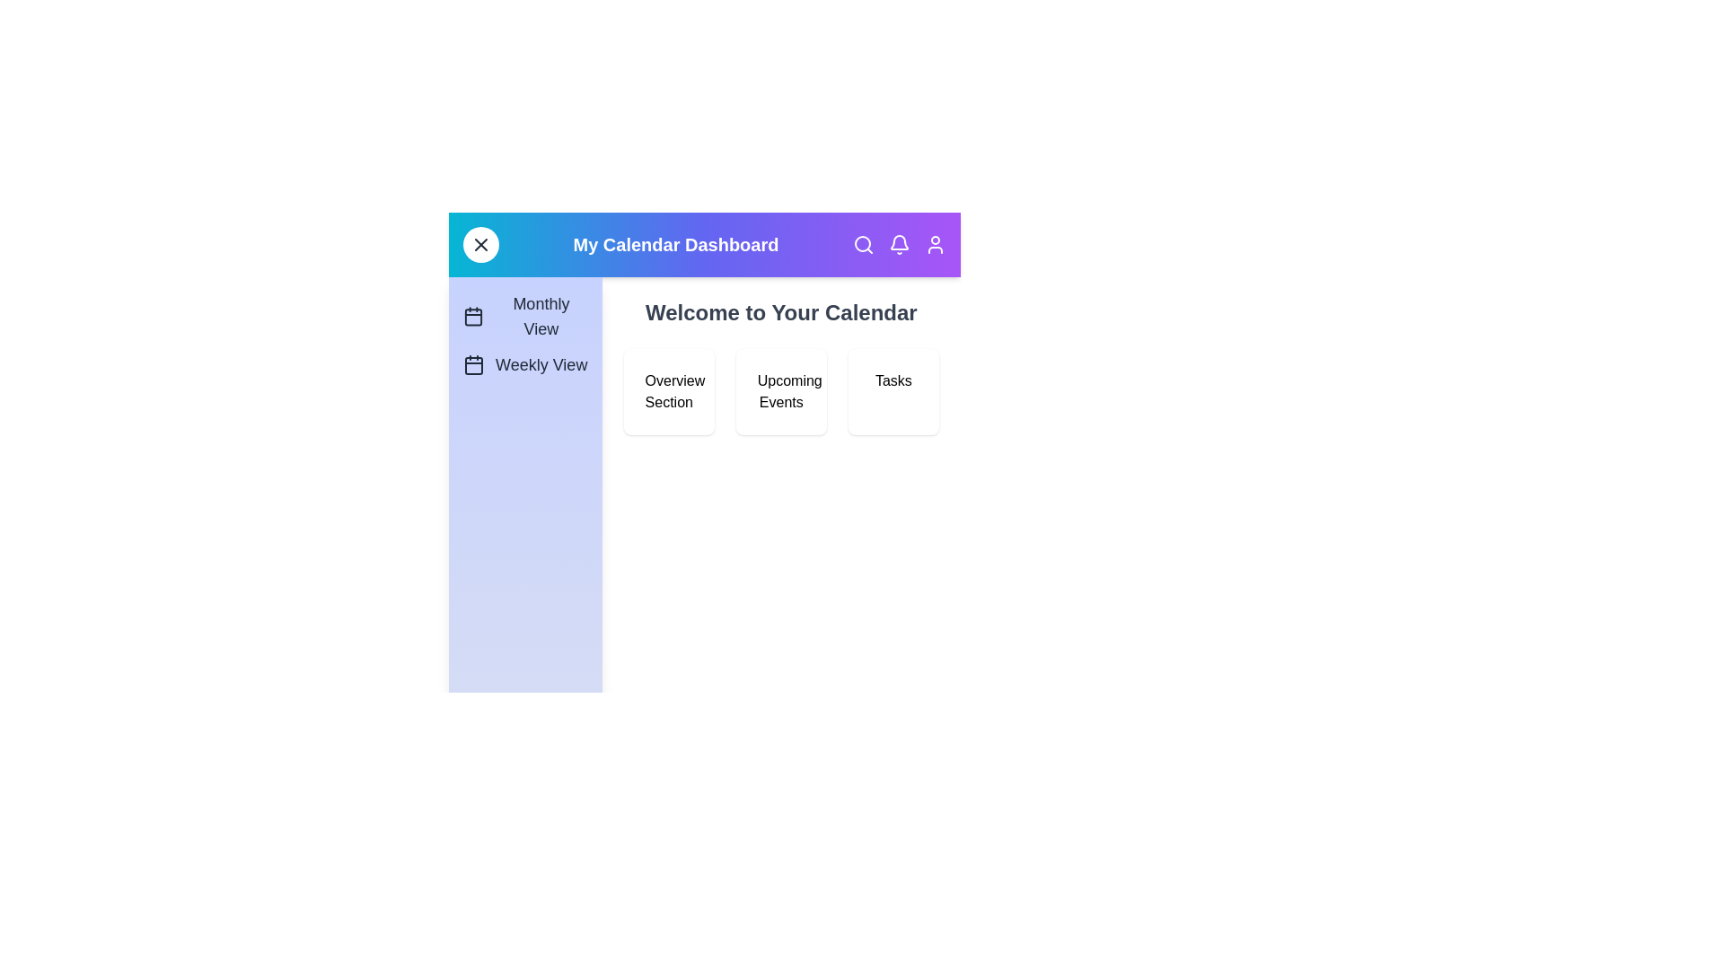 The image size is (1724, 969). I want to click on the 'Overview Section' card component, which is the leftmost card in a grid layout, featuring a white background and bold, black text, so click(667, 390).